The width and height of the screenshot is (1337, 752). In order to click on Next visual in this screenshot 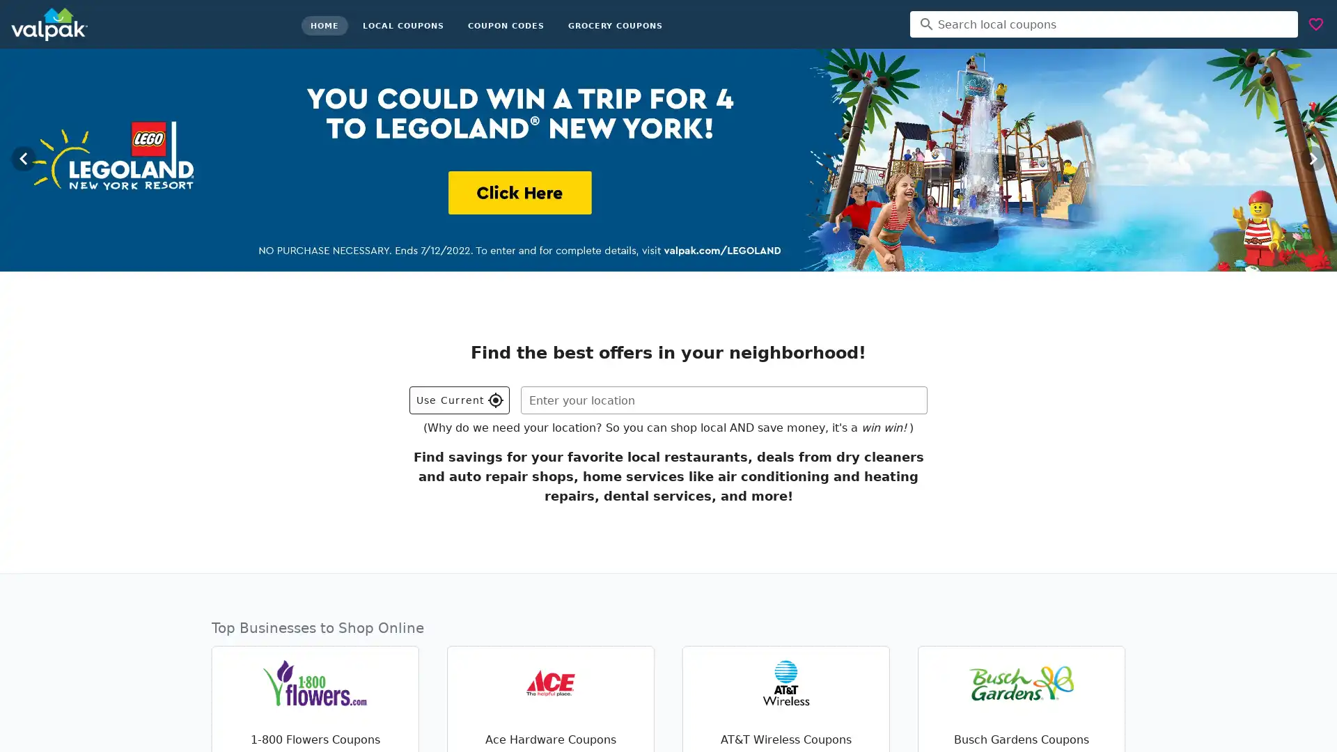, I will do `click(1313, 157)`.